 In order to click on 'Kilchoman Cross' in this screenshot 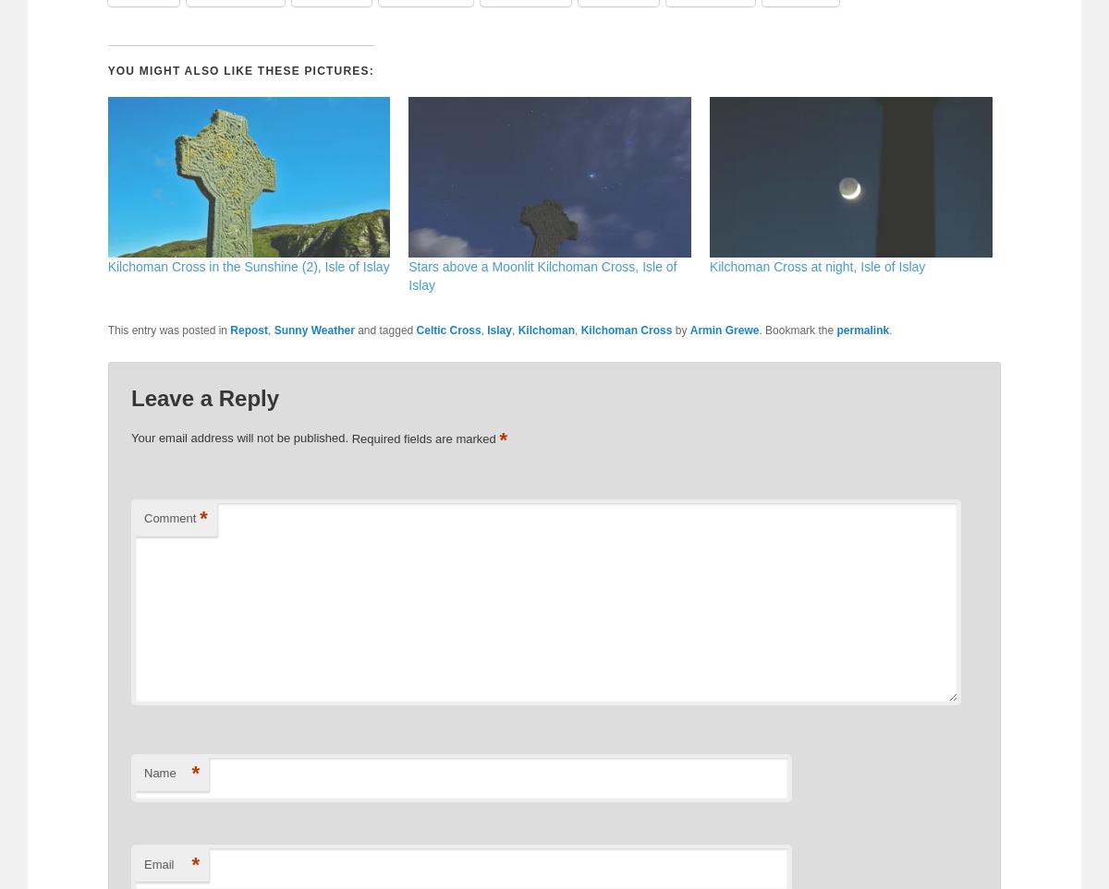, I will do `click(626, 330)`.